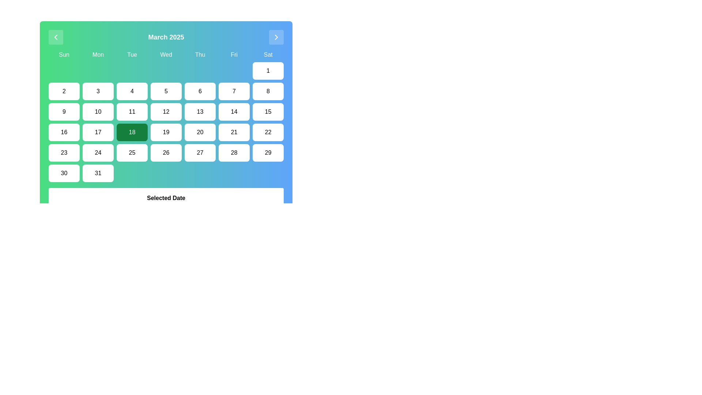 This screenshot has height=395, width=702. What do you see at coordinates (132, 91) in the screenshot?
I see `the button representing the selectable date in the calendar for Tuesday, March 2025` at bounding box center [132, 91].